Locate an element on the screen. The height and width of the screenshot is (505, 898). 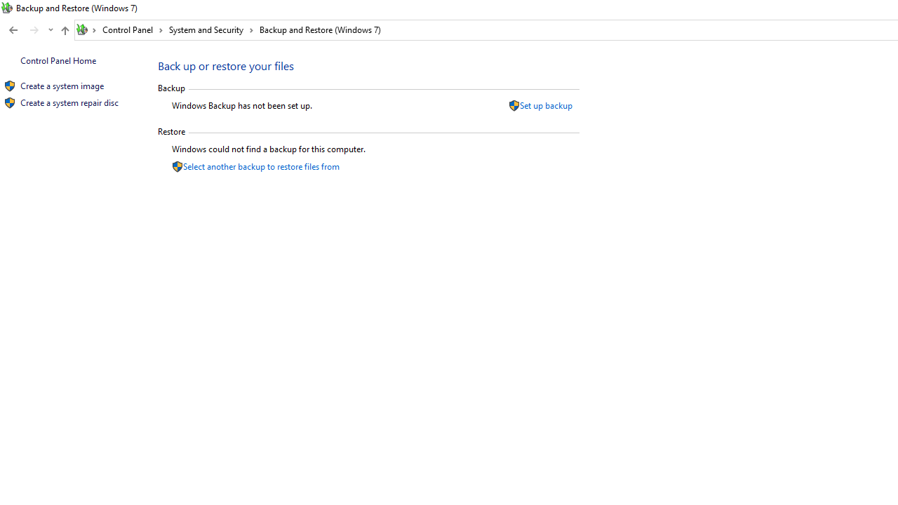
'Up to "System and Security" (Alt + Up Arrow)' is located at coordinates (64, 30).